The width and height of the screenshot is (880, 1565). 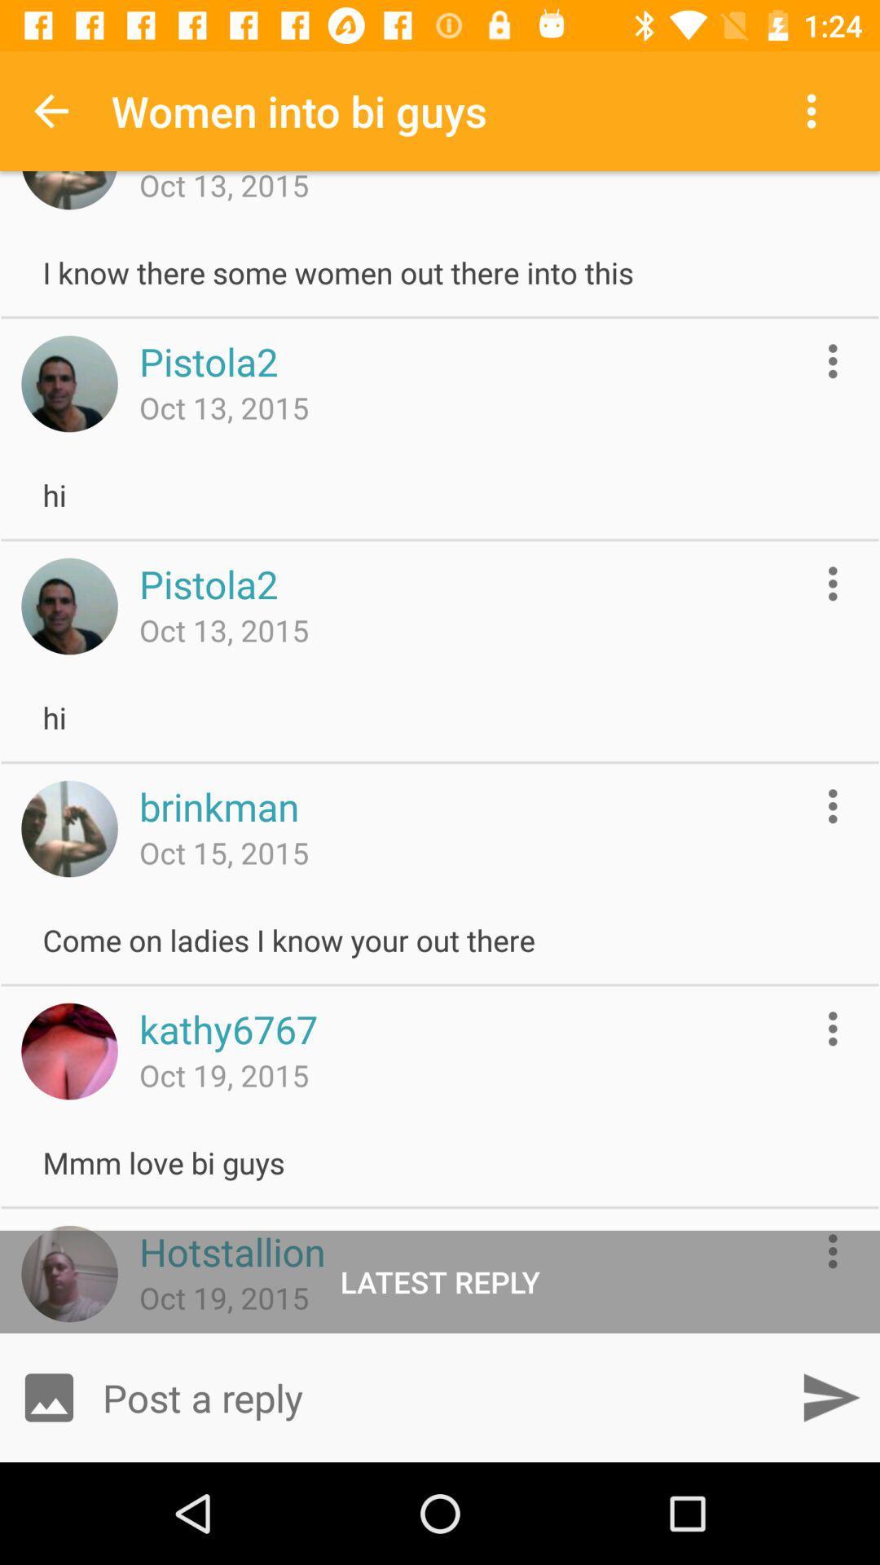 I want to click on send button, so click(x=830, y=1396).